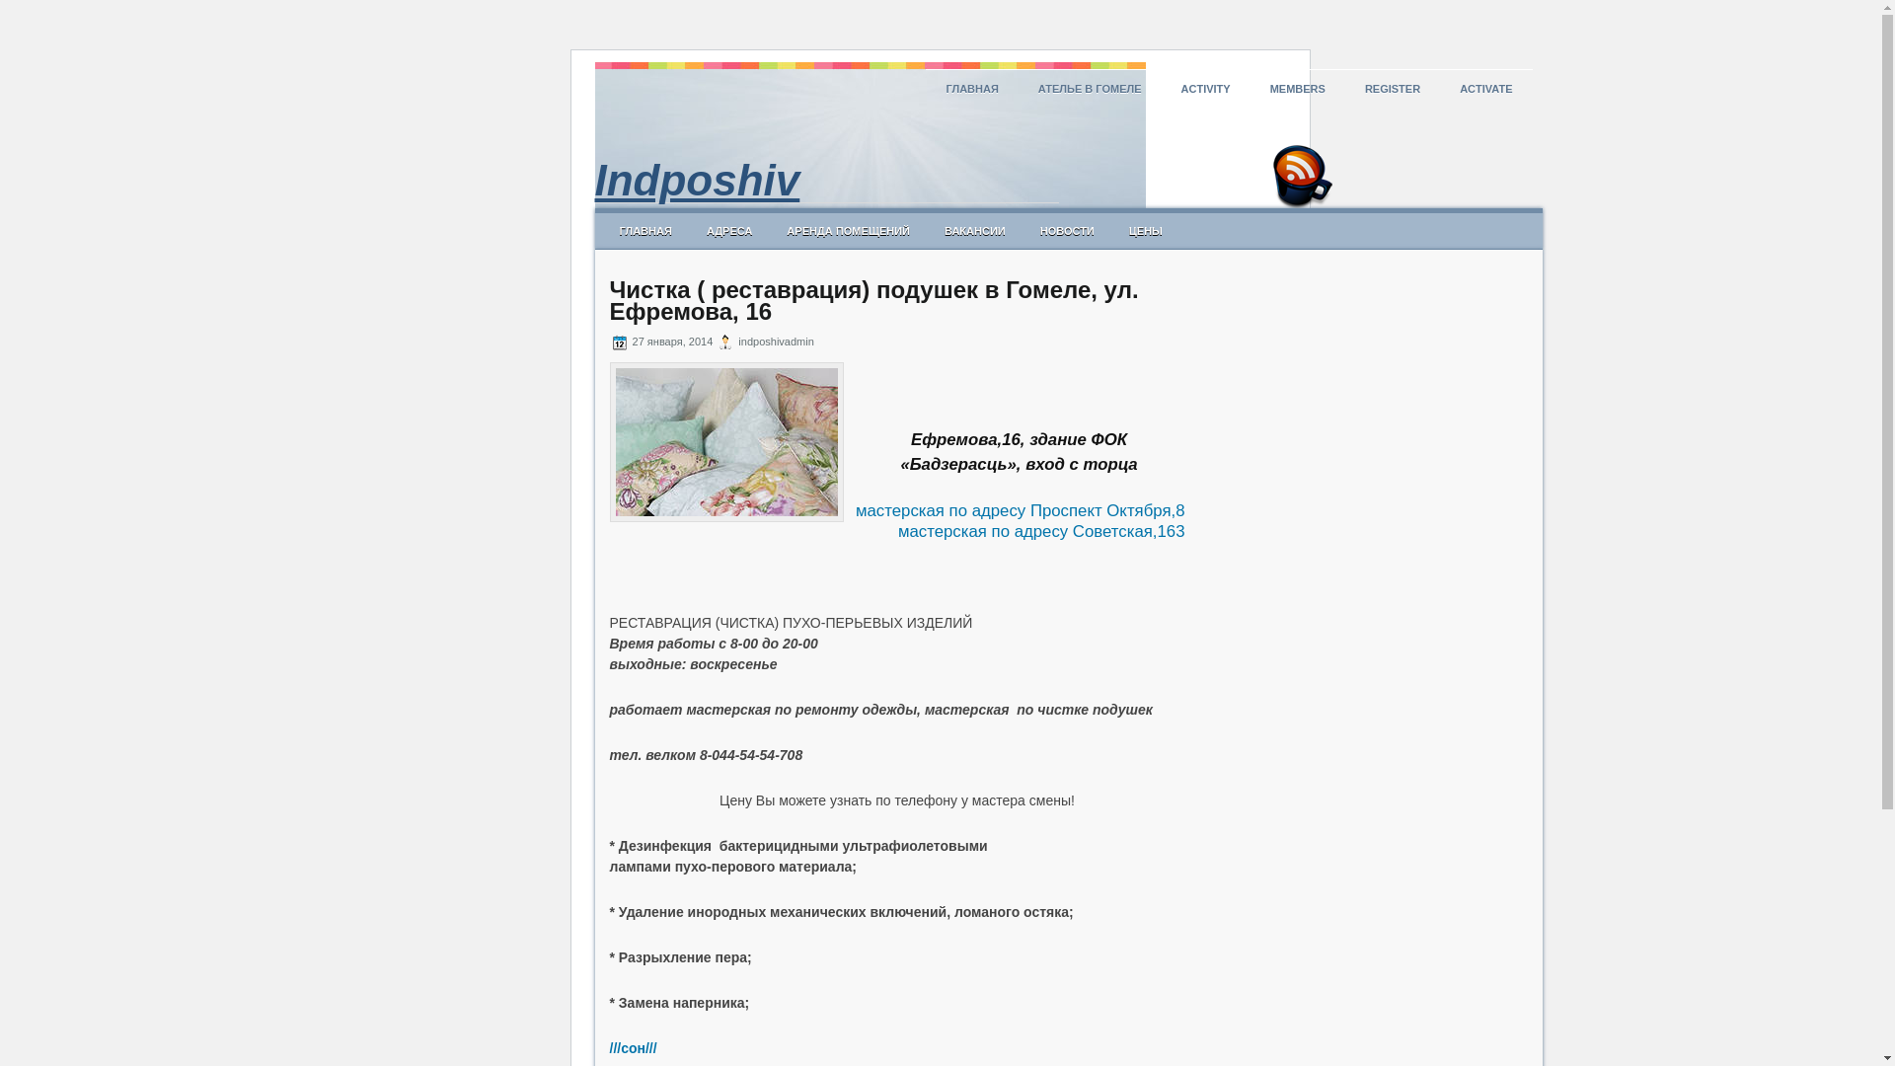 The image size is (1895, 1066). What do you see at coordinates (1205, 89) in the screenshot?
I see `'ACTIVITY'` at bounding box center [1205, 89].